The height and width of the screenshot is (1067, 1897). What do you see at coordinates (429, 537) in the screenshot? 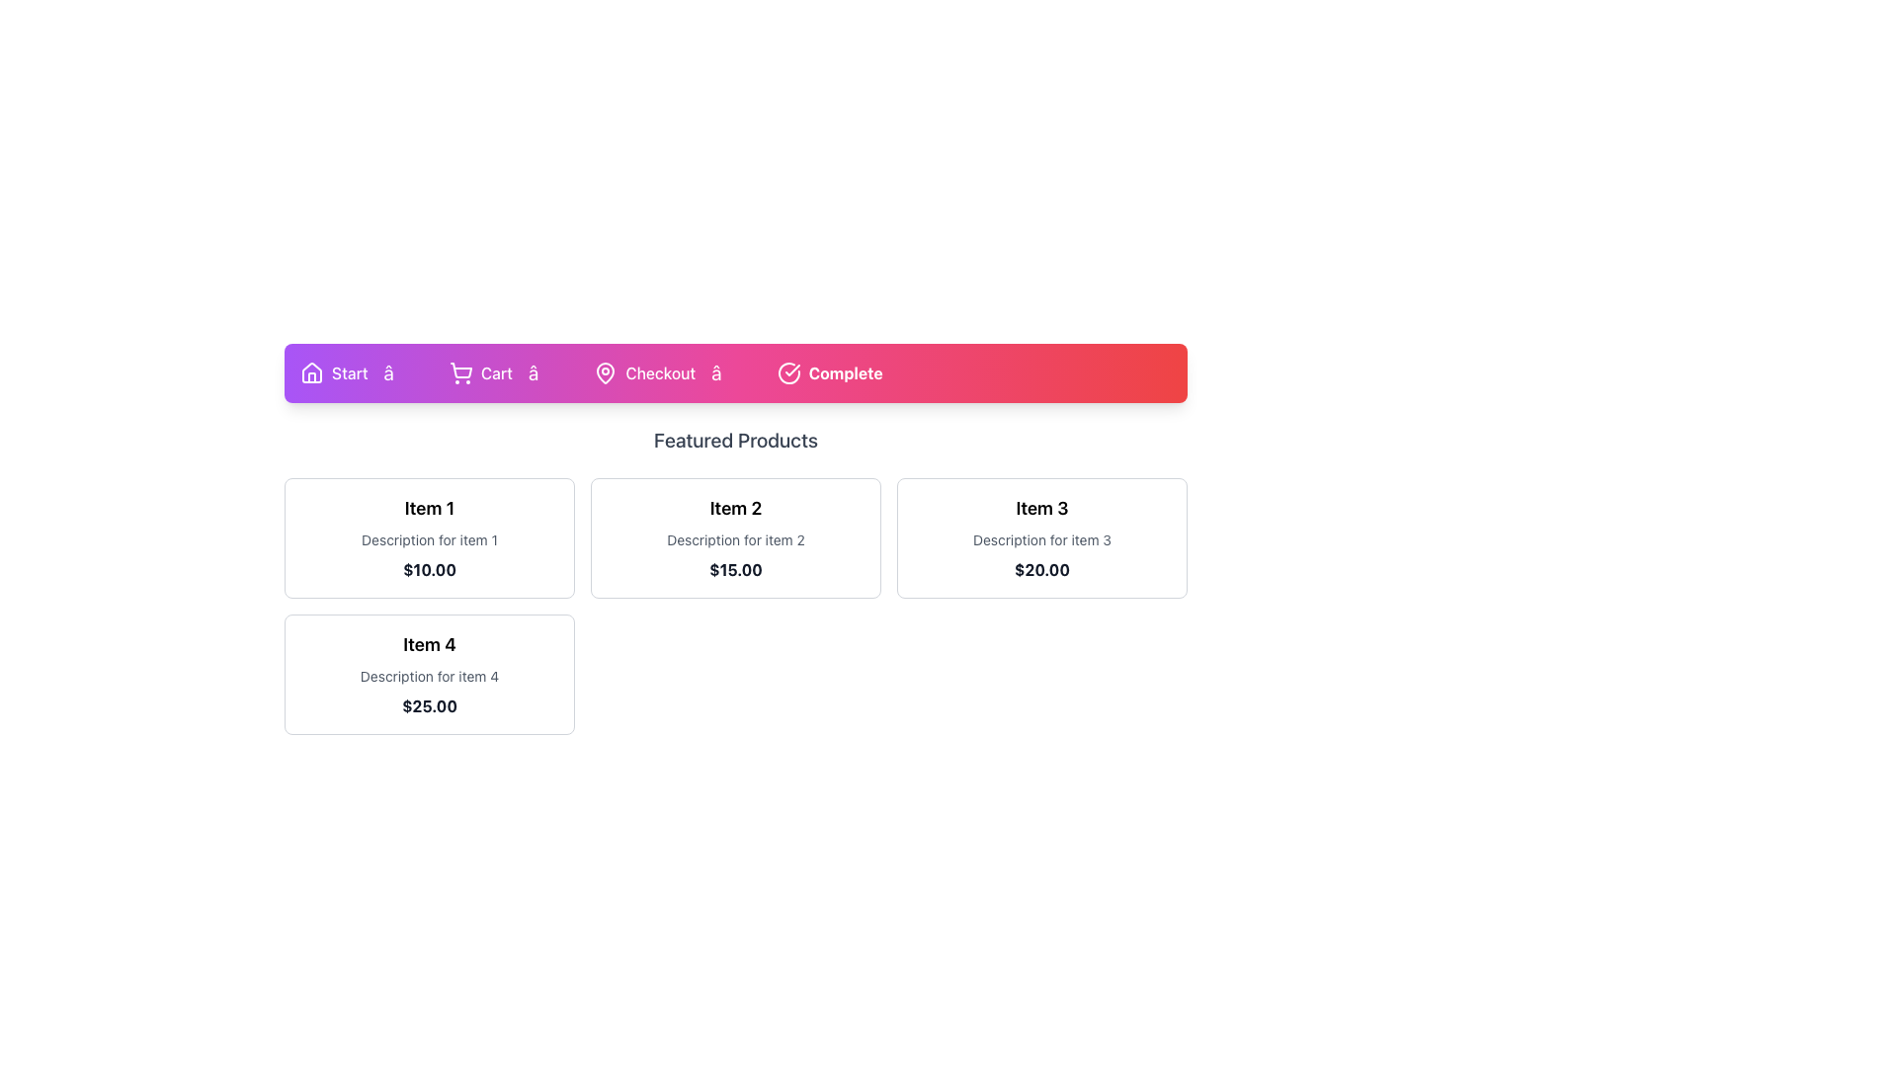
I see `the product card located at the top-left corner of the grid, which displays the product's name, description, and price` at bounding box center [429, 537].